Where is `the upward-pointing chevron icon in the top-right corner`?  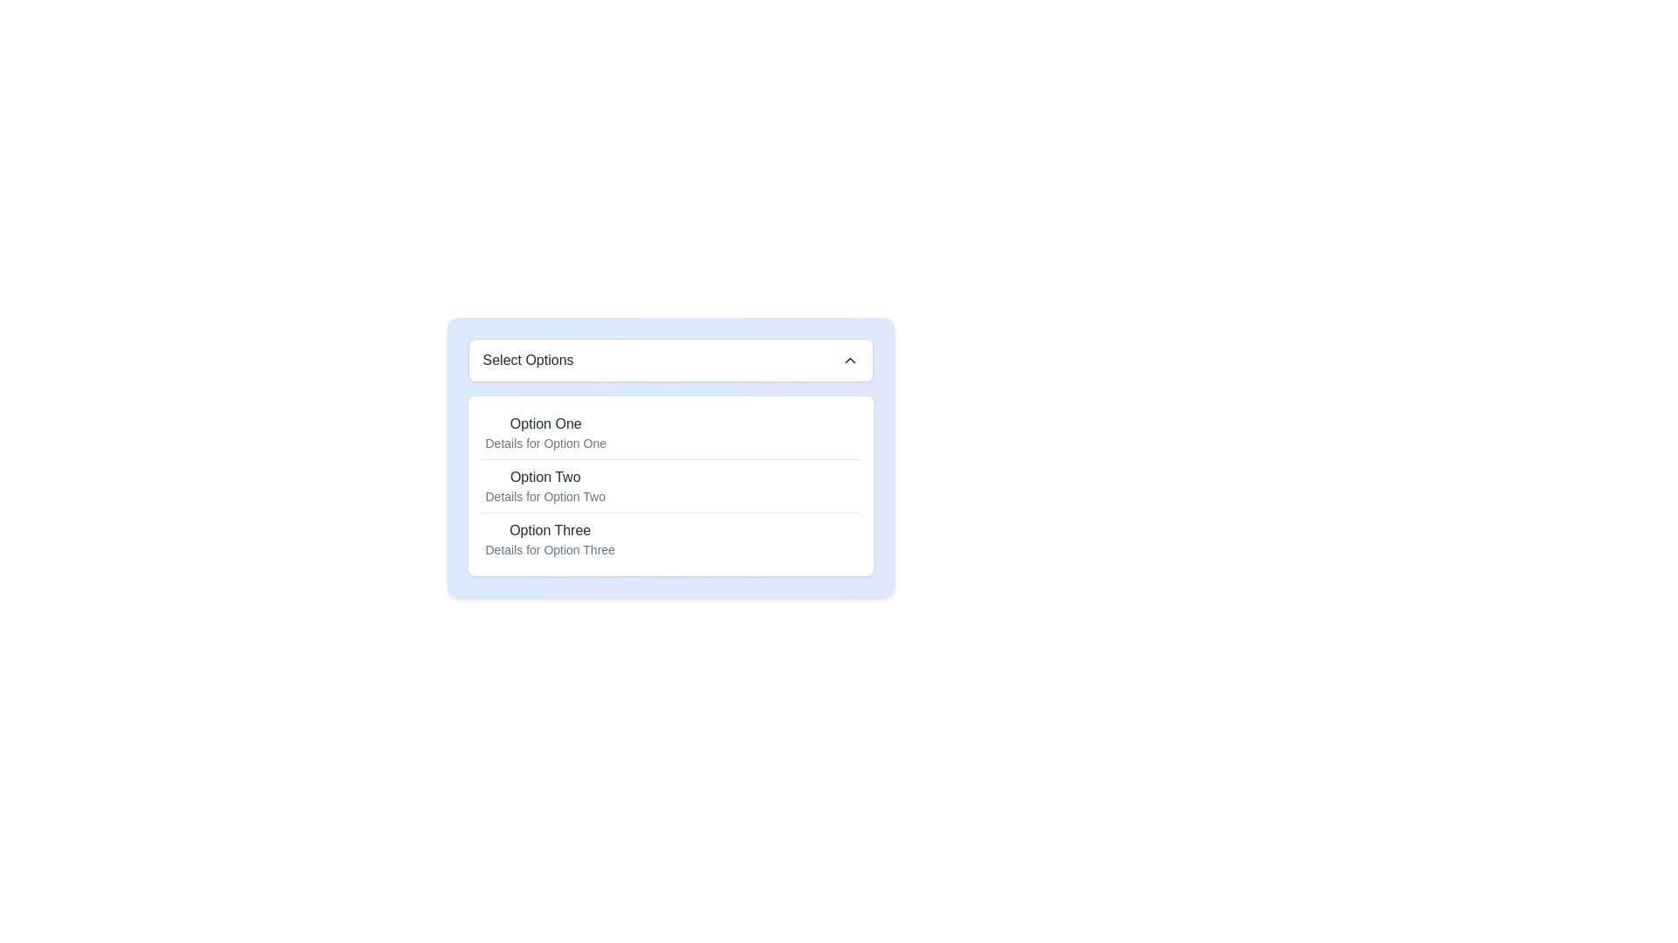
the upward-pointing chevron icon in the top-right corner is located at coordinates (849, 359).